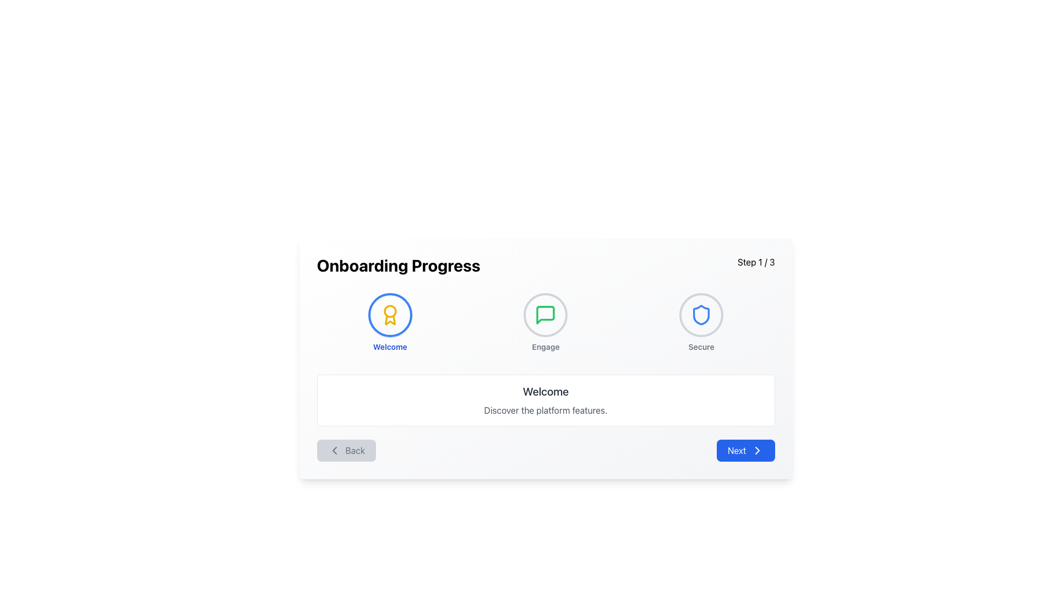  Describe the element at coordinates (546, 391) in the screenshot. I see `the text label that serves as a title or heading` at that location.